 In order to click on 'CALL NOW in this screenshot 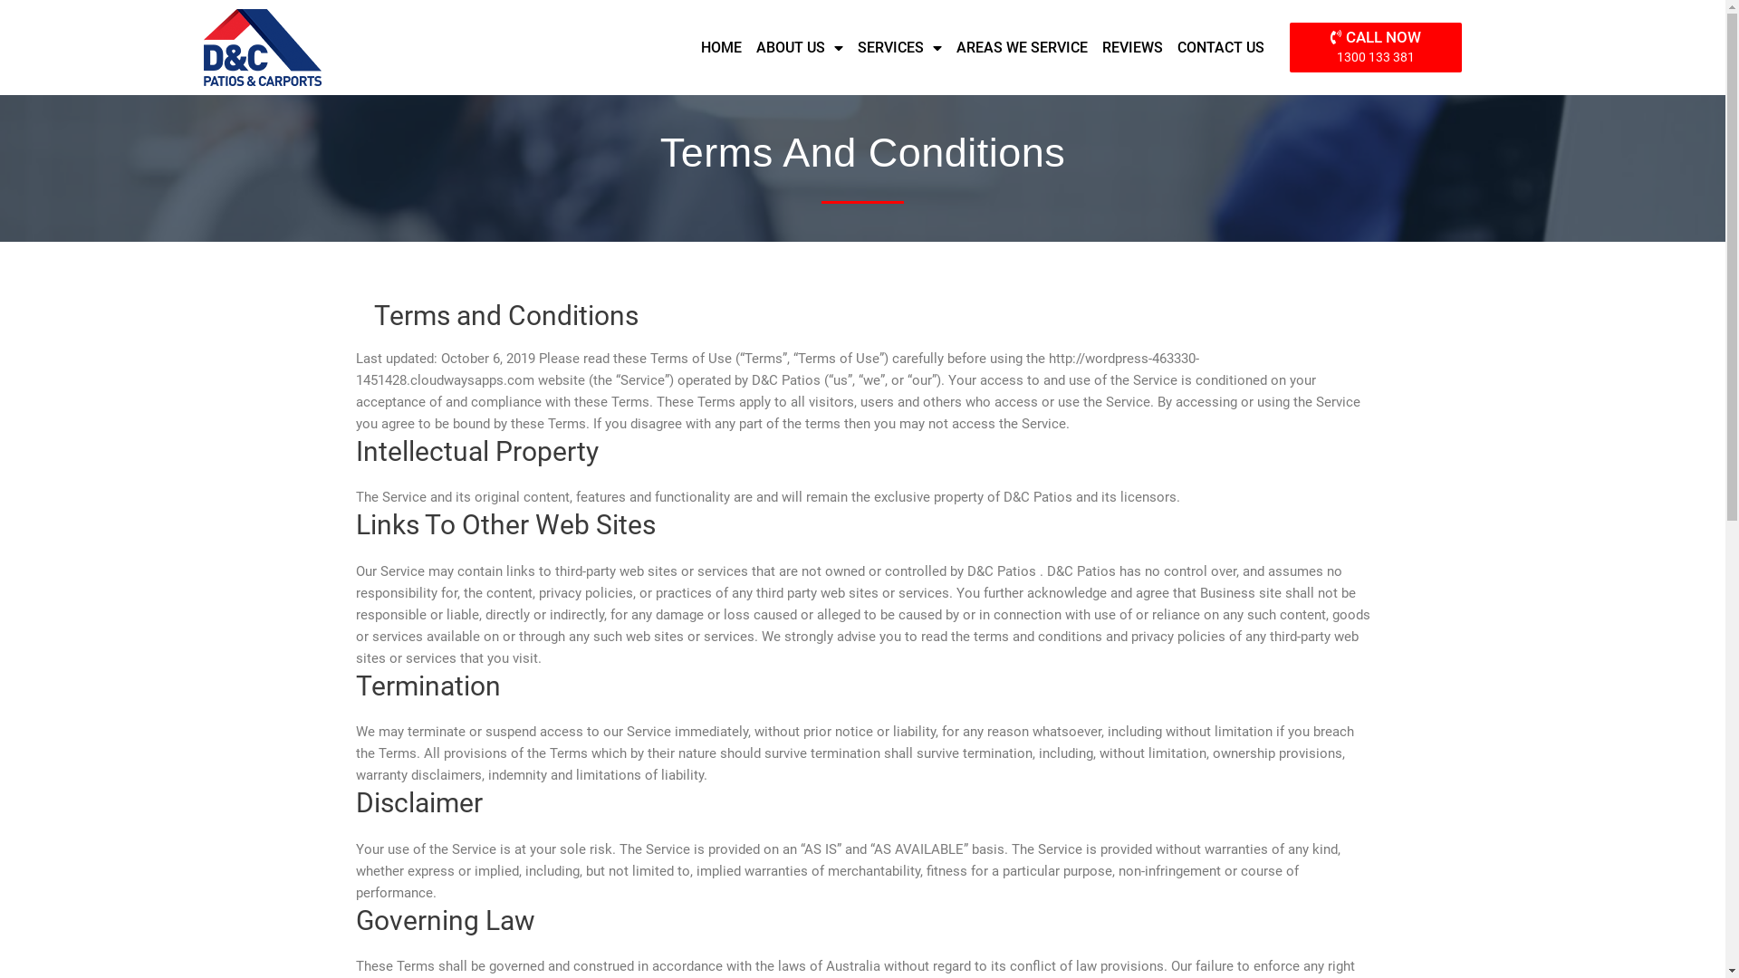, I will do `click(1375, 45)`.